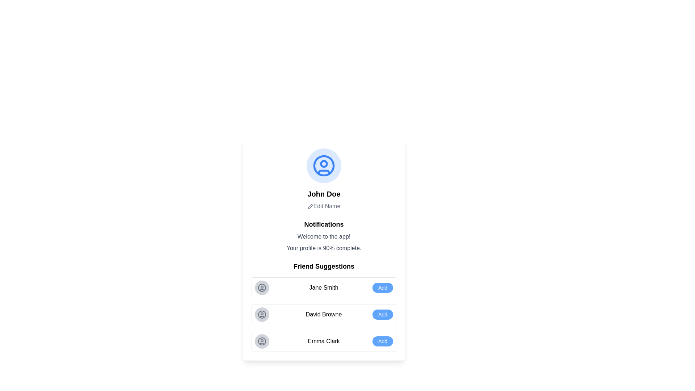 This screenshot has width=695, height=391. I want to click on the largest circular component of the user avatar icon associated with 'Emma Clark' in the 'Friend Suggestions' list, so click(262, 341).